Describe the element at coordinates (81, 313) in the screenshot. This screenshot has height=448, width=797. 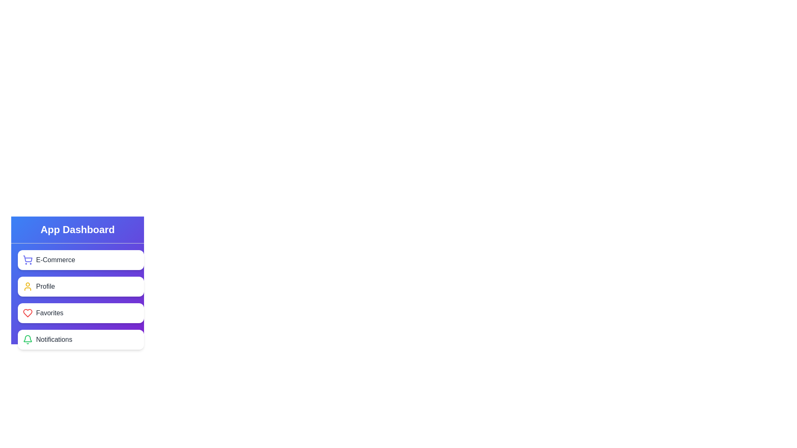
I see `the element corresponding to Favorites` at that location.